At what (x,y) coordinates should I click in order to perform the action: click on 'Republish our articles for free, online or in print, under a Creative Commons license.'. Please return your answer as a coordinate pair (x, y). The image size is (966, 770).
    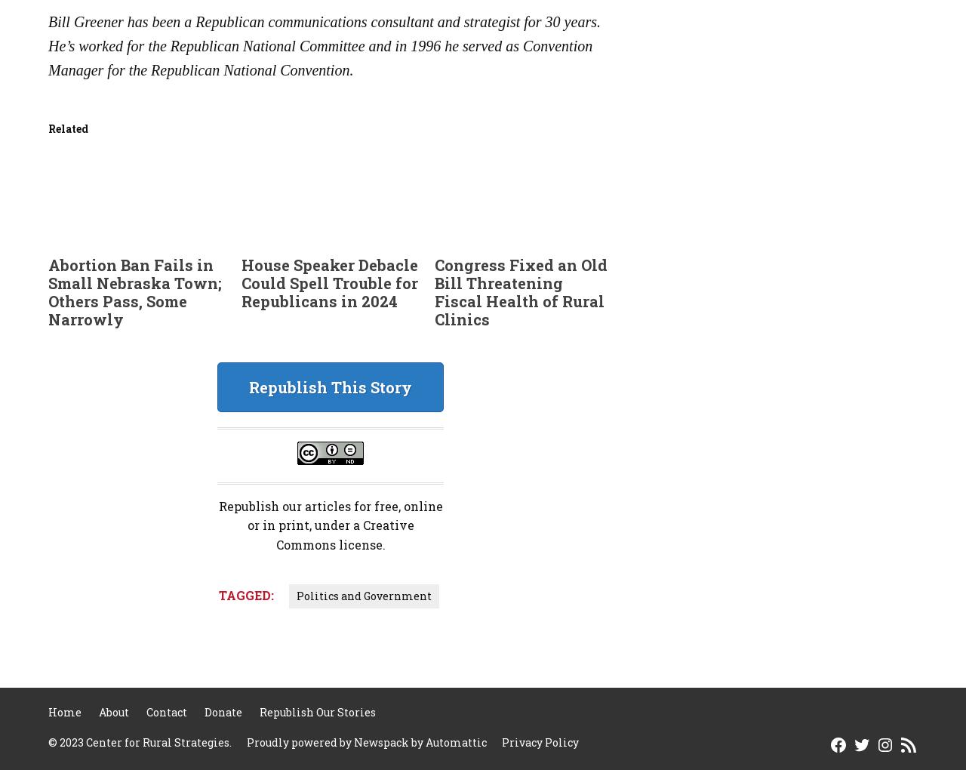
    Looking at the image, I should click on (217, 524).